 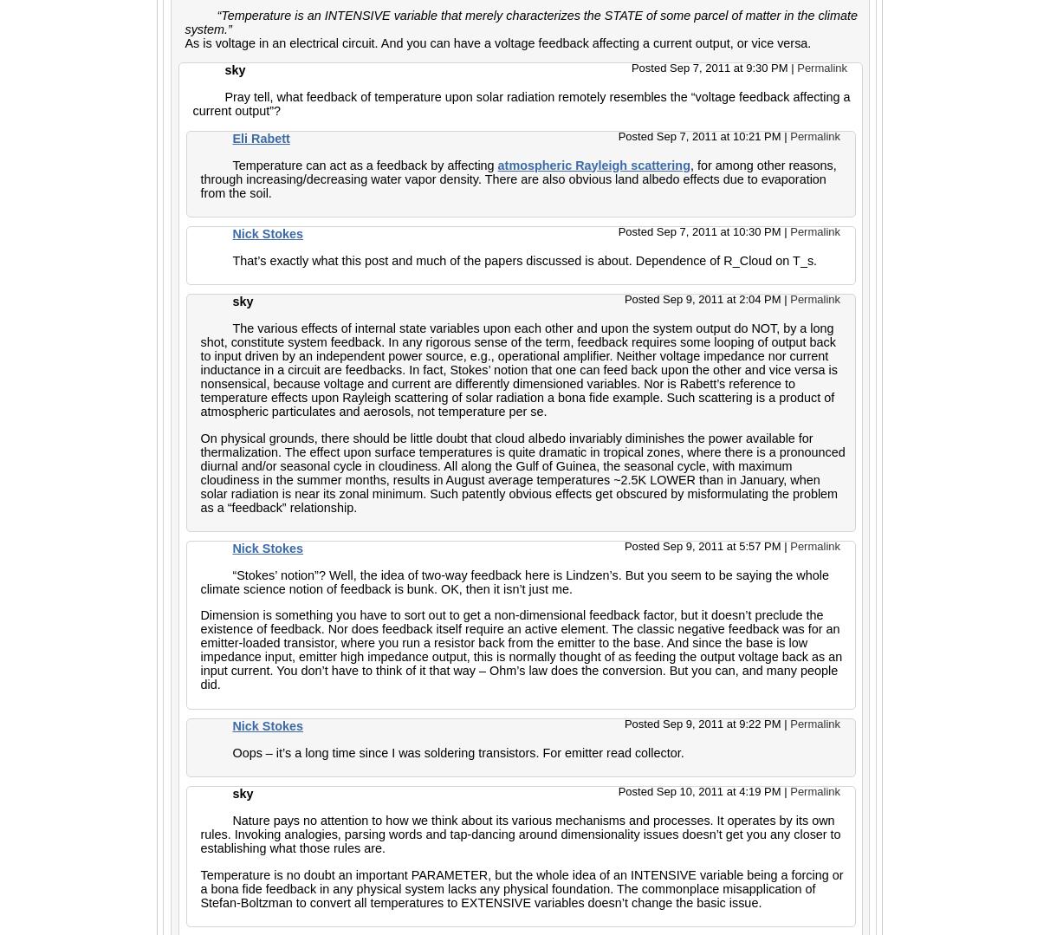 What do you see at coordinates (700, 231) in the screenshot?
I see `'Posted Sep 7, 2011 at 10:30 PM'` at bounding box center [700, 231].